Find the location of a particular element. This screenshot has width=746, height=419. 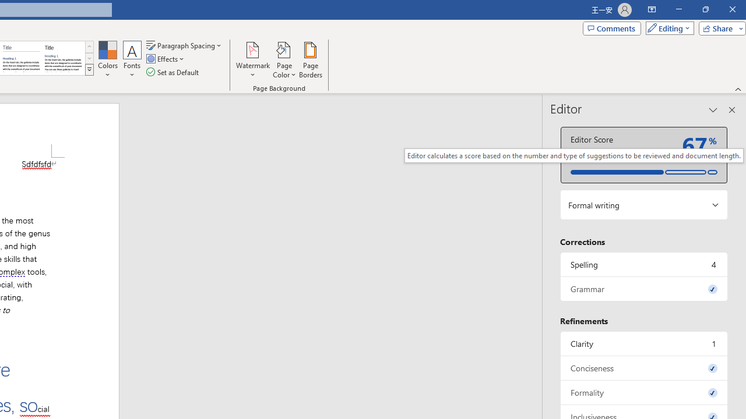

'Editor Score 67%' is located at coordinates (643, 154).